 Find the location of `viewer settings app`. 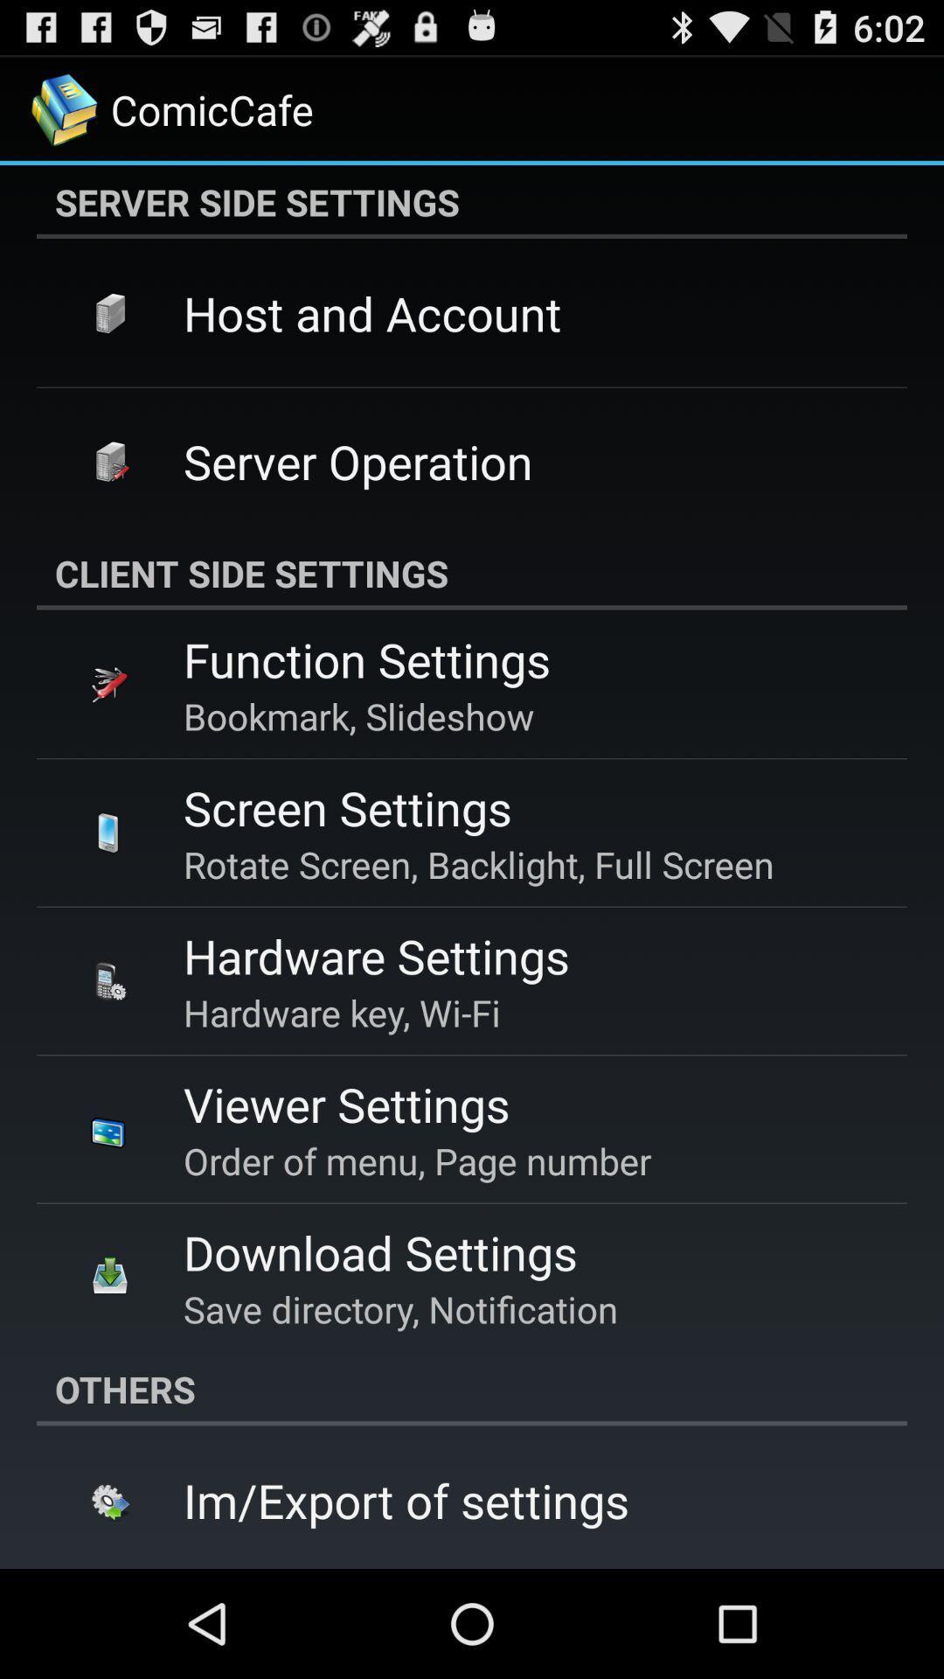

viewer settings app is located at coordinates (346, 1103).